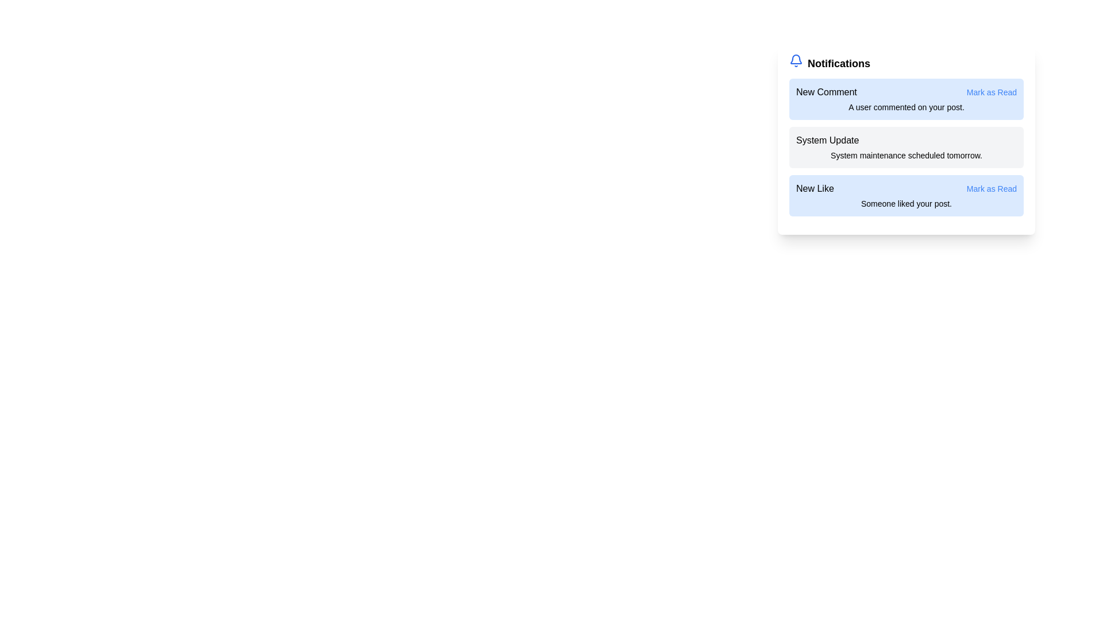 This screenshot has width=1103, height=620. I want to click on the 'Mark as Read' button for the notification titled New Comment, so click(991, 92).